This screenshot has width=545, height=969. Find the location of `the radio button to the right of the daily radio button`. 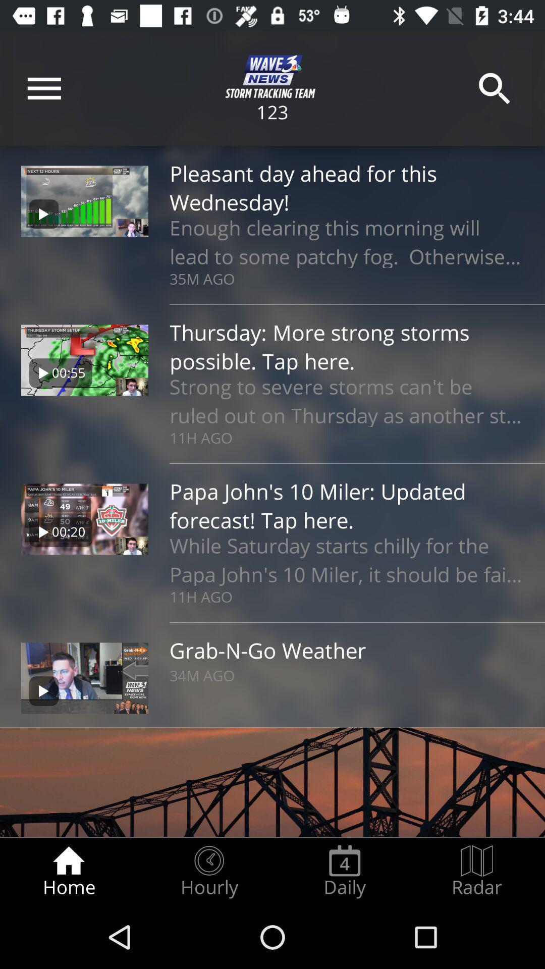

the radio button to the right of the daily radio button is located at coordinates (477, 871).